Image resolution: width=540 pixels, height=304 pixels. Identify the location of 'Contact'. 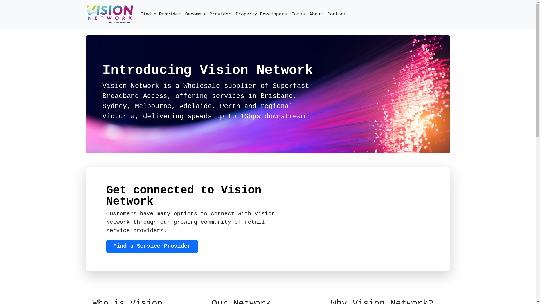
(337, 14).